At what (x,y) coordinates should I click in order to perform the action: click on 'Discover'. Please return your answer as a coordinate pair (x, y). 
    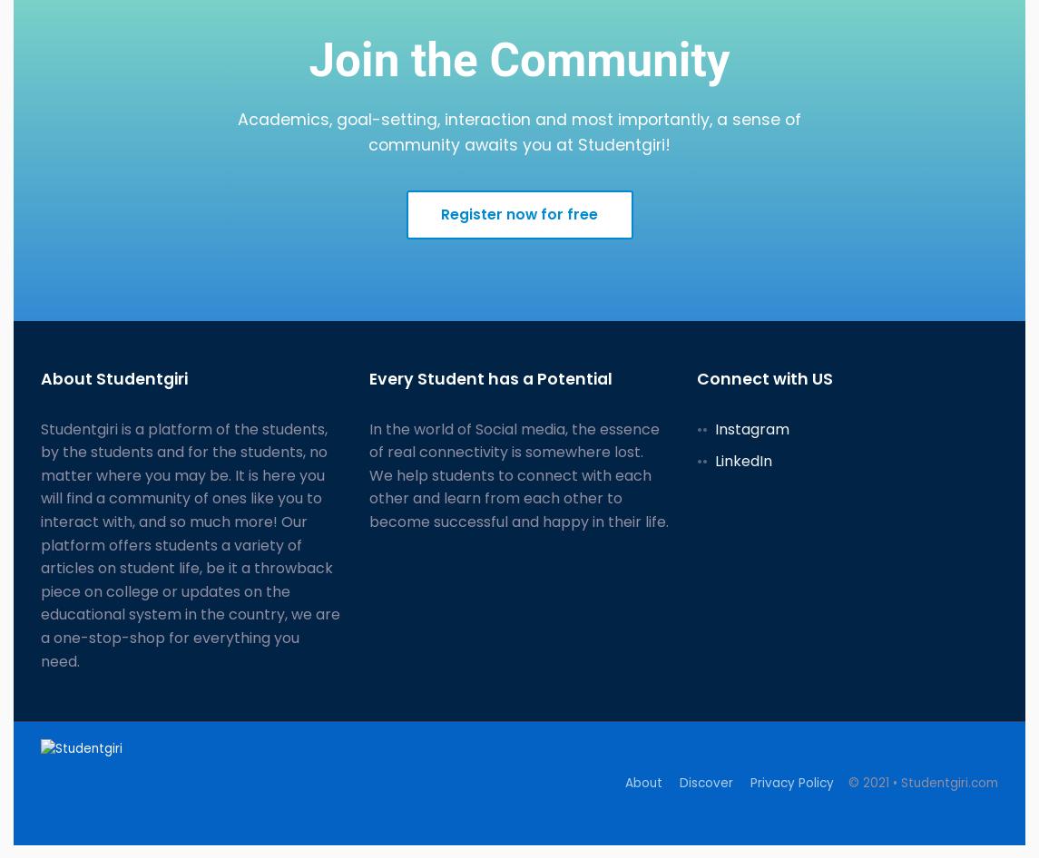
    Looking at the image, I should click on (705, 783).